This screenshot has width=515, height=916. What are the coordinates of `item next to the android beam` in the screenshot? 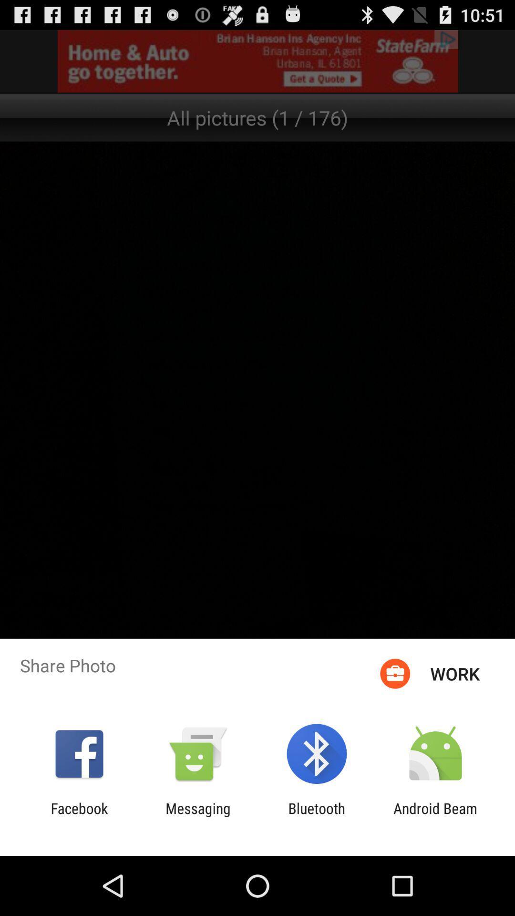 It's located at (317, 816).